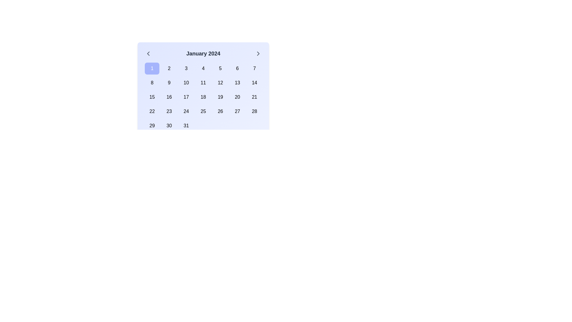 The height and width of the screenshot is (322, 572). I want to click on the text label that displays the current month and year at the top center of the calendar interface, so click(203, 54).